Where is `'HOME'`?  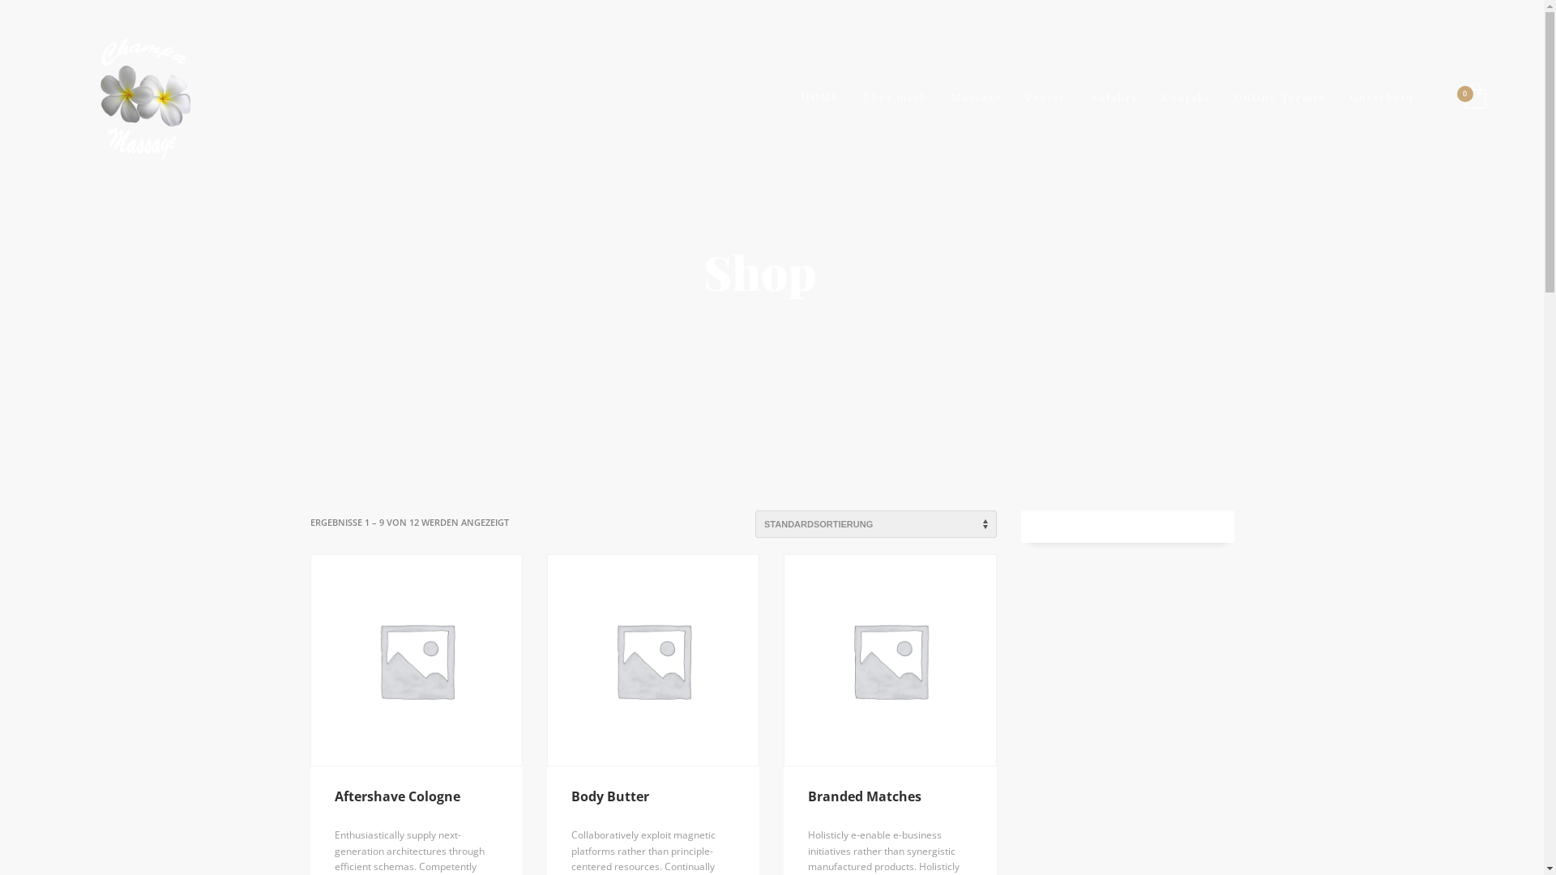 'HOME' is located at coordinates (820, 96).